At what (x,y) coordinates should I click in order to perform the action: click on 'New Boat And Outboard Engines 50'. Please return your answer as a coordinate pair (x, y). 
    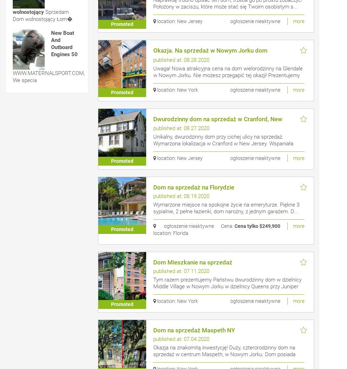
    Looking at the image, I should click on (64, 43).